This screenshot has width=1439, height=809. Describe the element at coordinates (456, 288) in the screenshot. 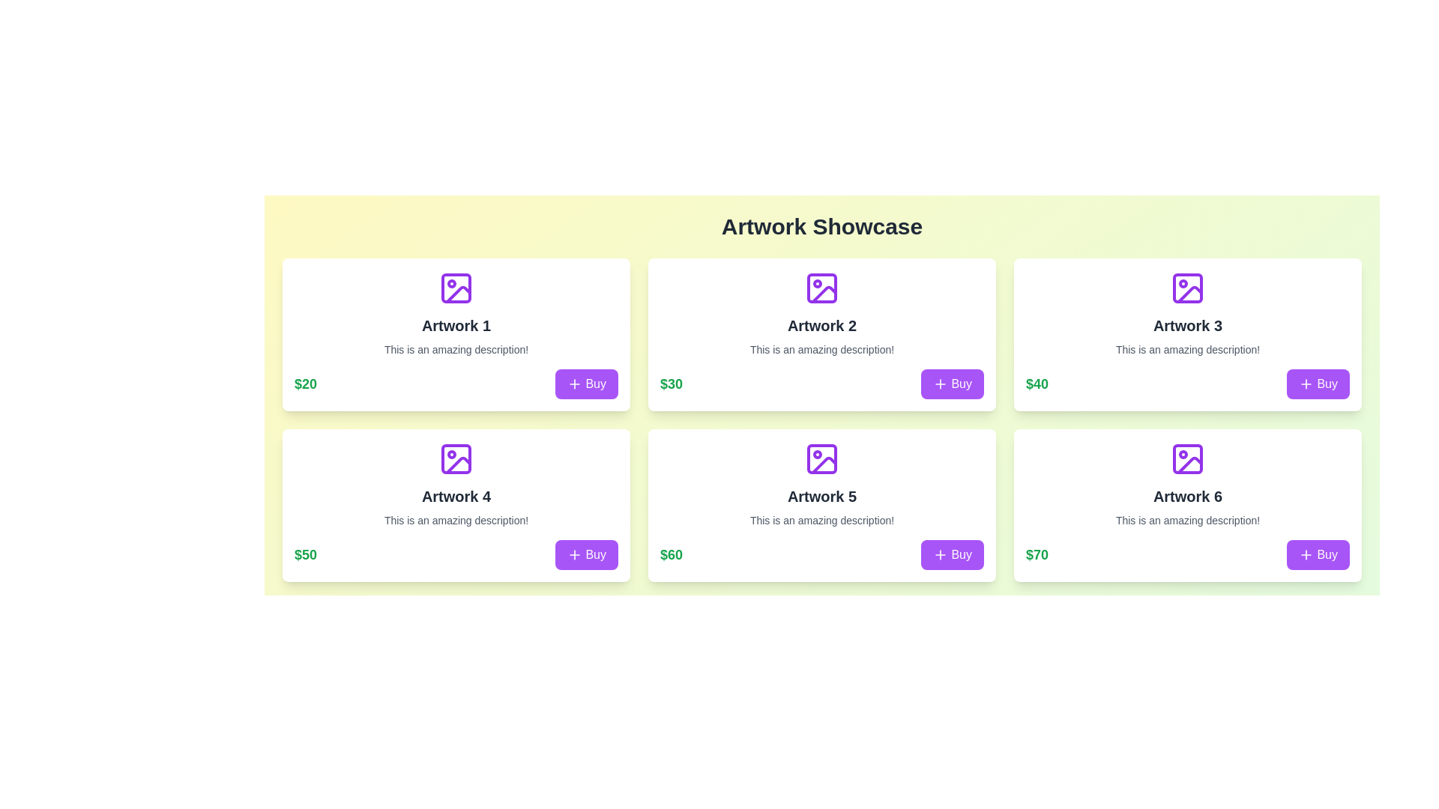

I see `the Decorative rectangle (SVG element) that symbolizes an image or media file, located in the first grid cell of a 2-row, 3-column layout at the top left of the interface` at that location.